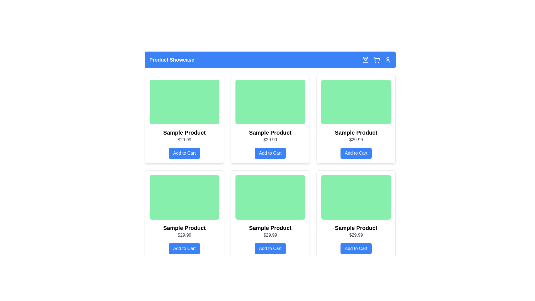  I want to click on the product title displayed, so click(356, 132).